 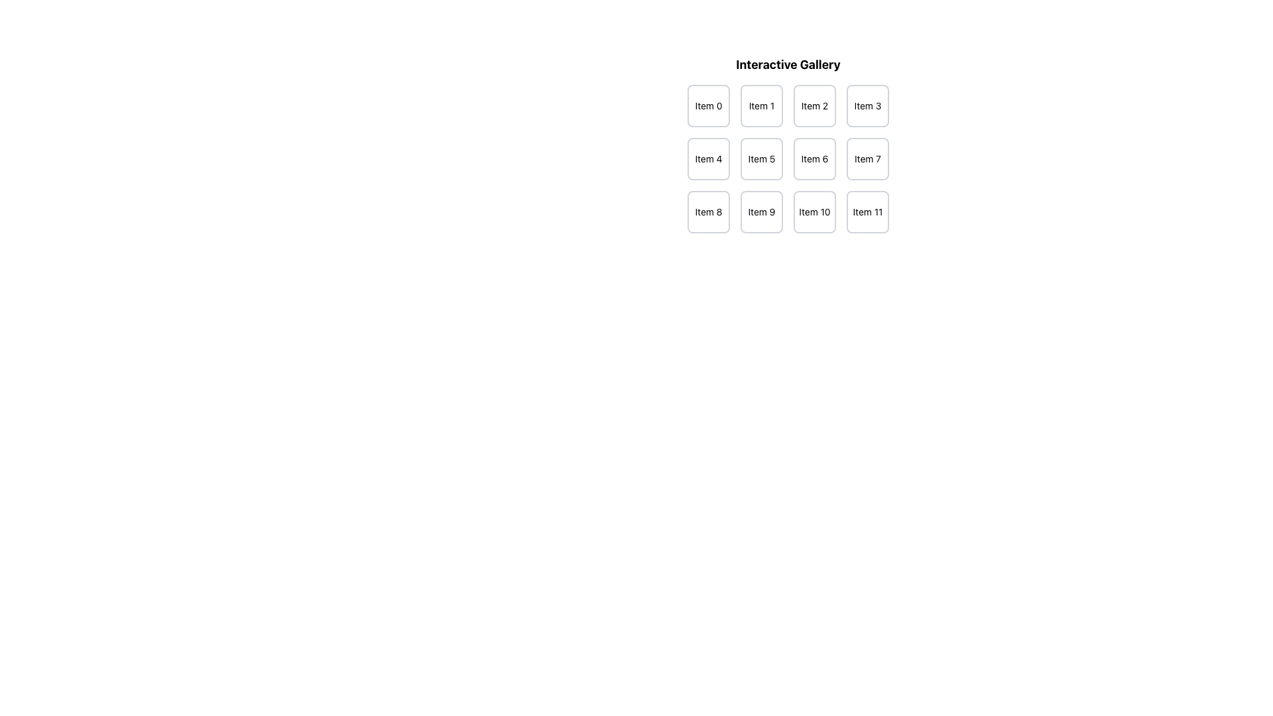 What do you see at coordinates (708, 211) in the screenshot?
I see `the button corresponding to 'Item 8' in the gallery` at bounding box center [708, 211].